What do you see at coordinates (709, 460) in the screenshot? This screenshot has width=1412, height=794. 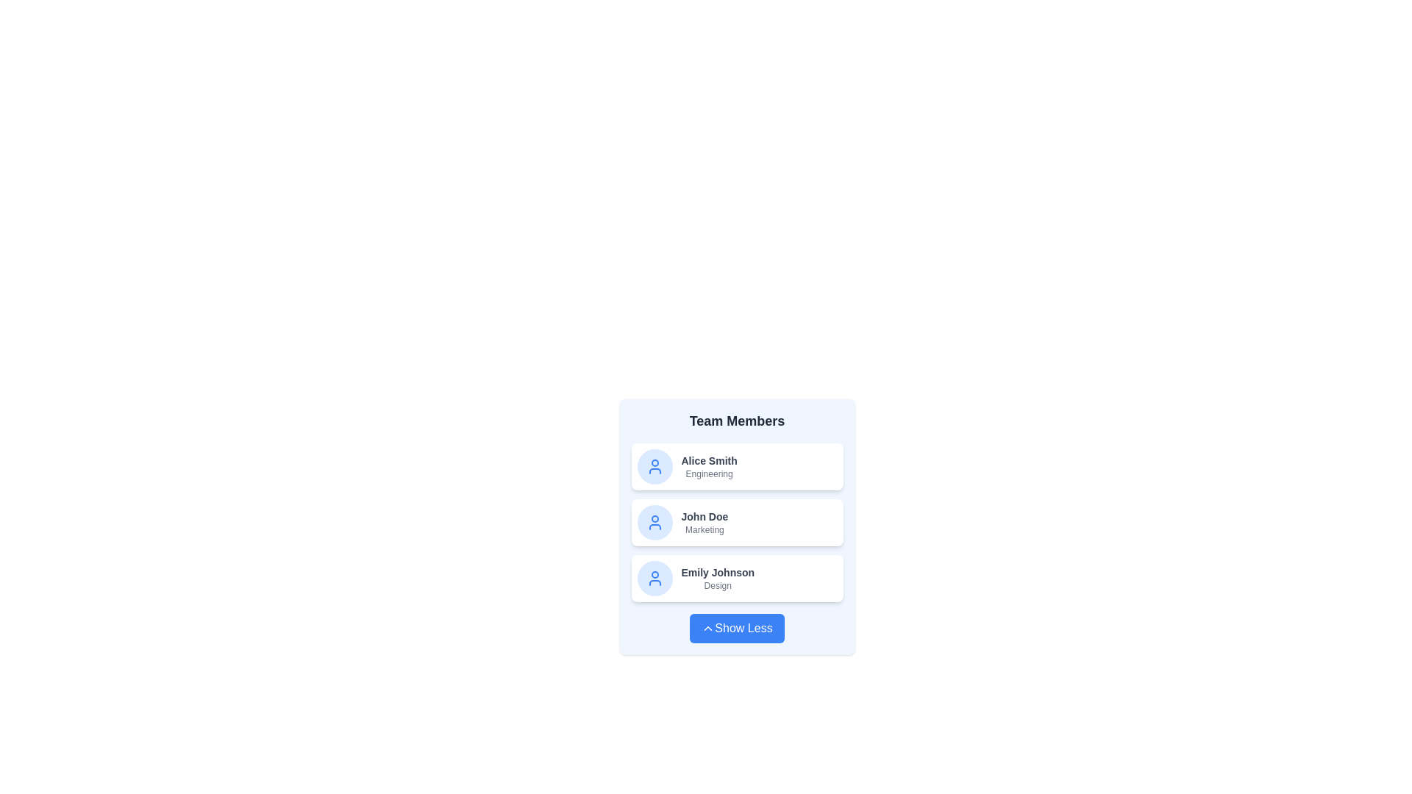 I see `the text label that serves as the title for the individual listed in the first team member card in the 'Team Members' section, which is centrally aligned above the text 'Engineering'` at bounding box center [709, 460].